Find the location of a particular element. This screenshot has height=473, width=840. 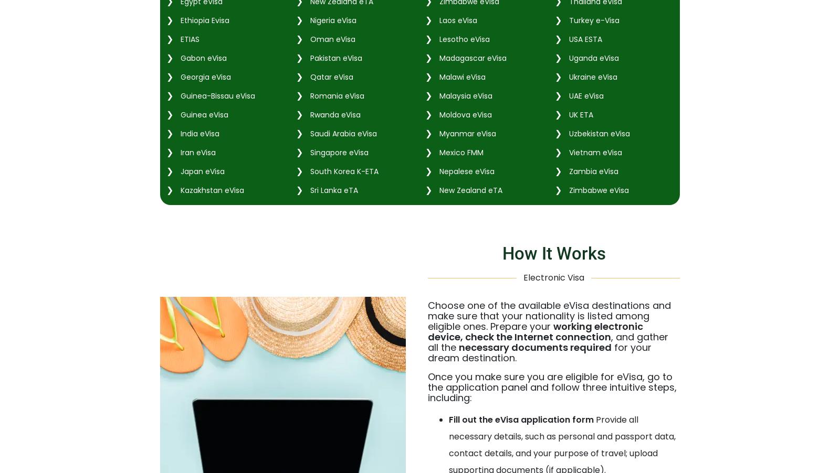

'Nigeria eVisa' is located at coordinates (307, 19).